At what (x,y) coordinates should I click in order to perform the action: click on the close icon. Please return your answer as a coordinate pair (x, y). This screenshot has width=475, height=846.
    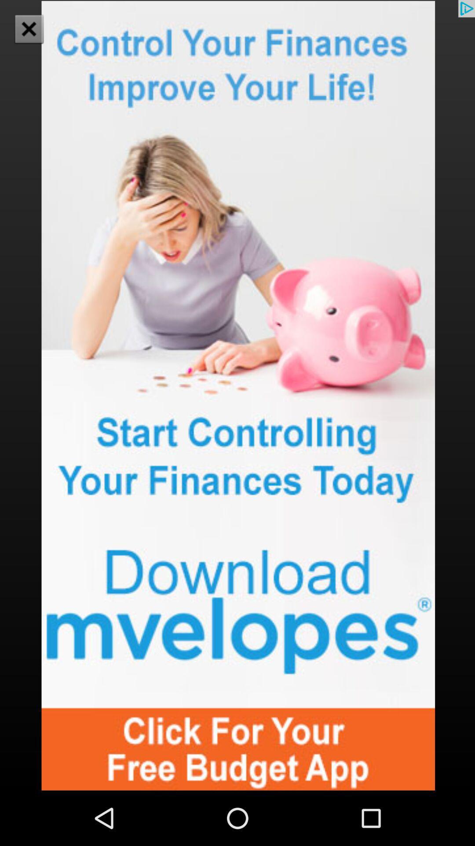
    Looking at the image, I should click on (34, 37).